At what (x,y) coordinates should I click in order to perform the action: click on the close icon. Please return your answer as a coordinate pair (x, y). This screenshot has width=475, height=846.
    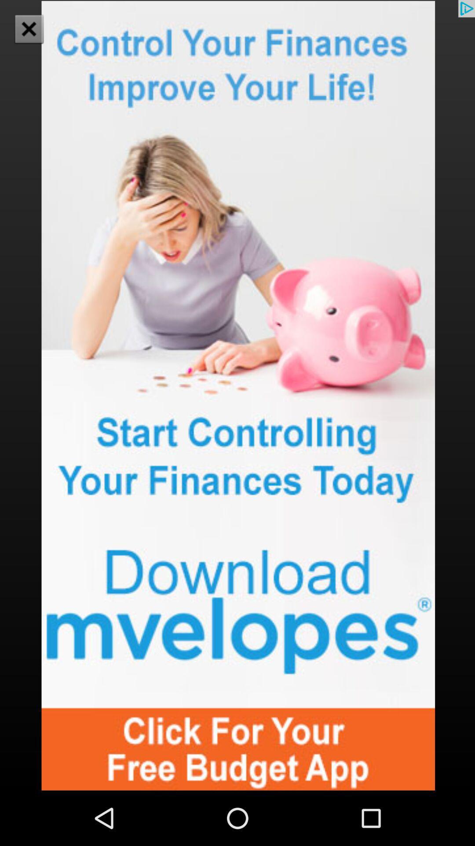
    Looking at the image, I should click on (34, 37).